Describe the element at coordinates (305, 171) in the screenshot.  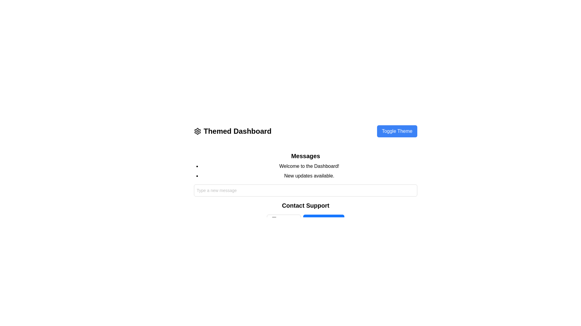
I see `the informational Text component that provides a welcome message and update notification located beneath the 'Messages' heading and above the input field labeled 'Type a new message'` at that location.